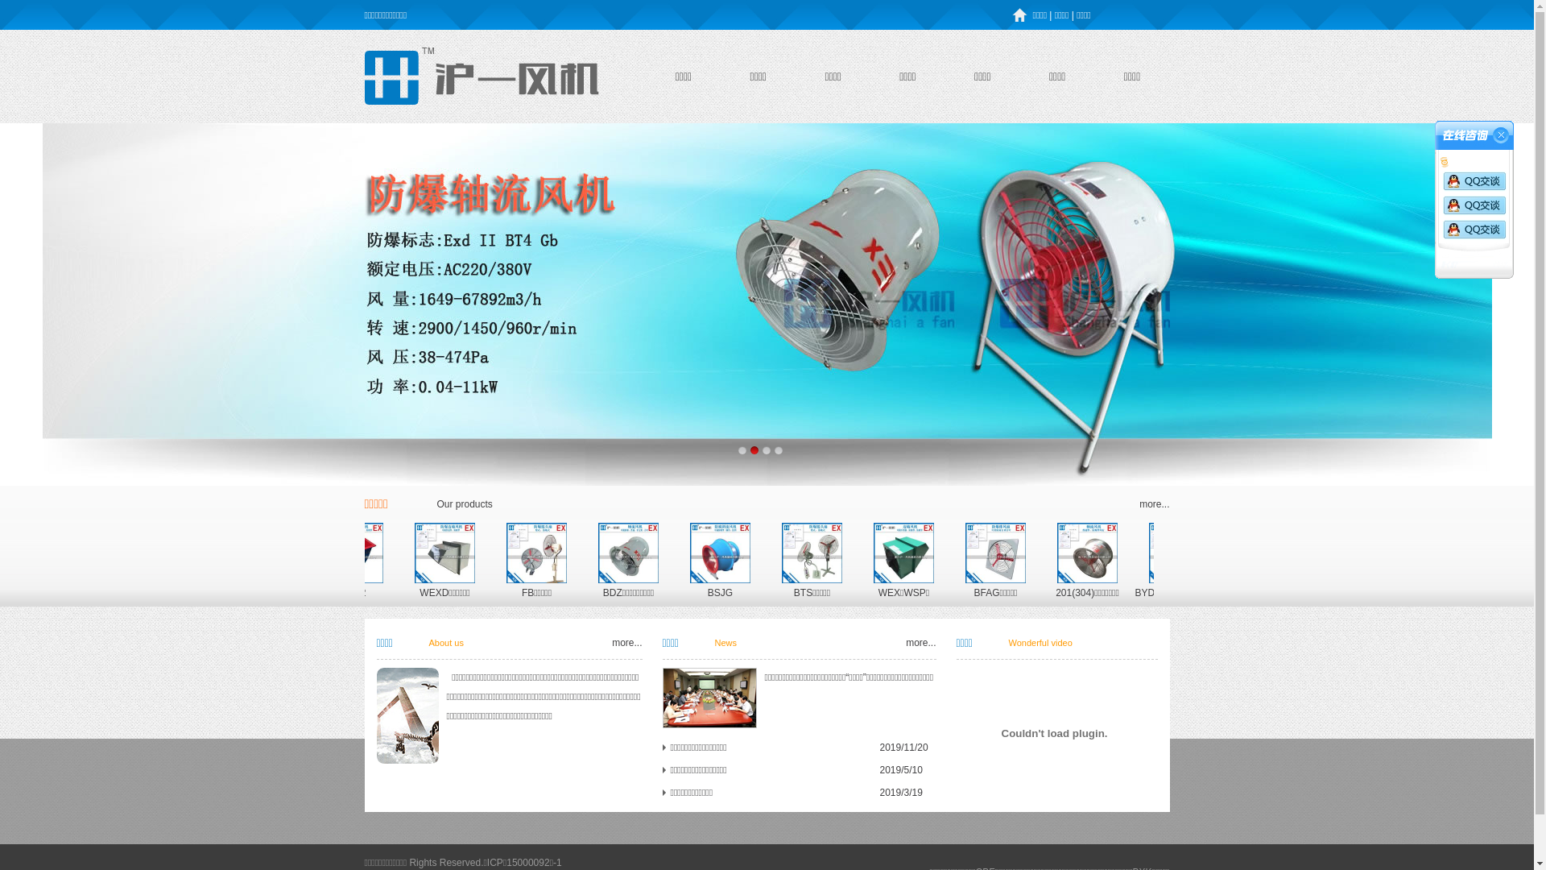 The width and height of the screenshot is (1546, 870). I want to click on 'B4-72', so click(556, 593).